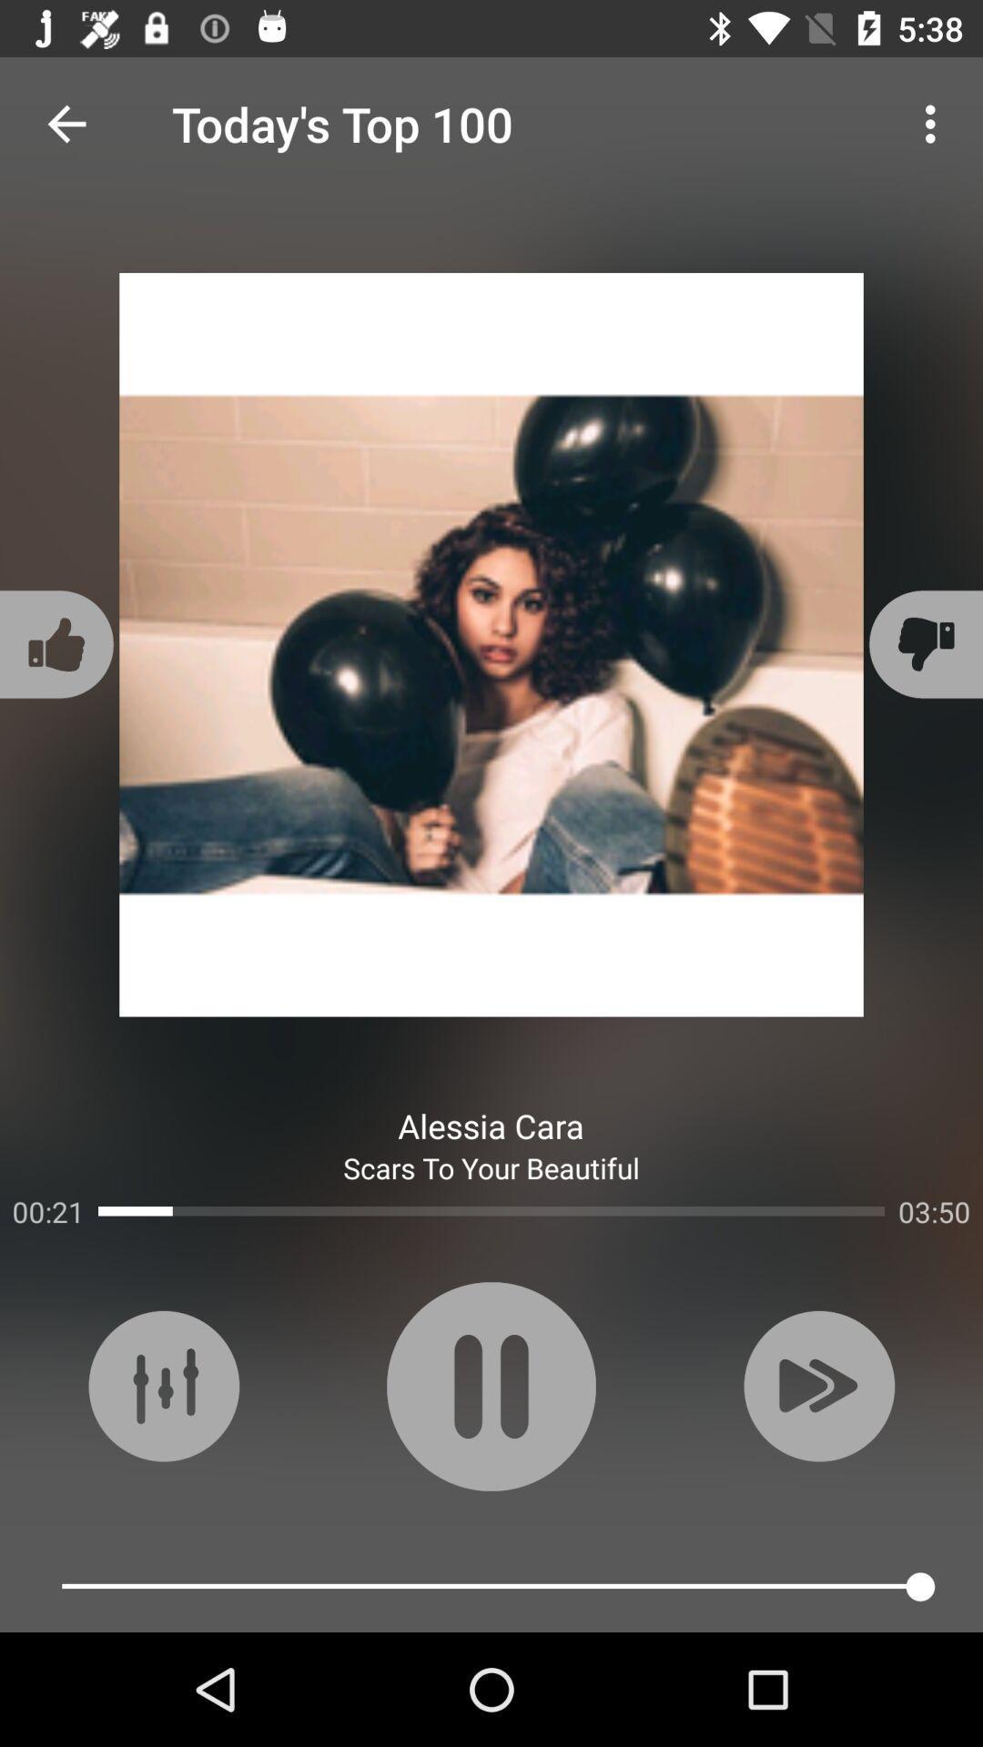 This screenshot has width=983, height=1747. I want to click on the item on the right, so click(923, 644).